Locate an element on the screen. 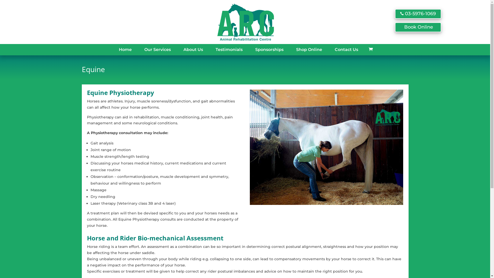 This screenshot has width=494, height=278. 'Our Services' is located at coordinates (140, 49).